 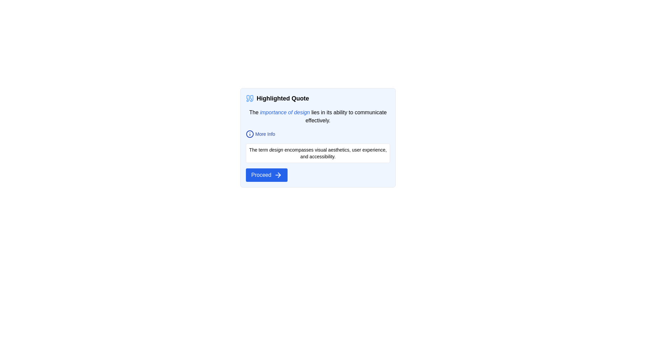 I want to click on the information icon with a blue outline that represents the 'i' character, located to the left of the 'More Info' text, so click(x=250, y=134).